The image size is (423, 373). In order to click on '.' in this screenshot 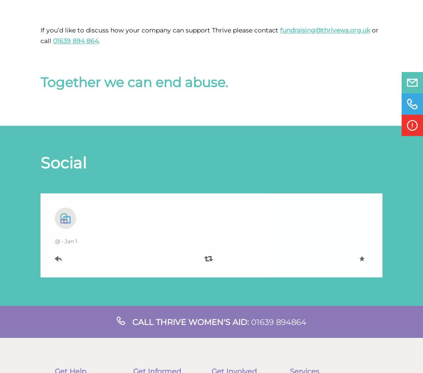, I will do `click(99, 41)`.